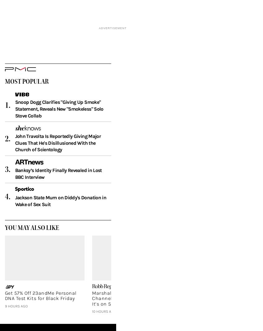 The image size is (263, 331). I want to click on 'Get 57% Off 23andMe Personal DNA Test Kits for Black Friday', so click(40, 305).